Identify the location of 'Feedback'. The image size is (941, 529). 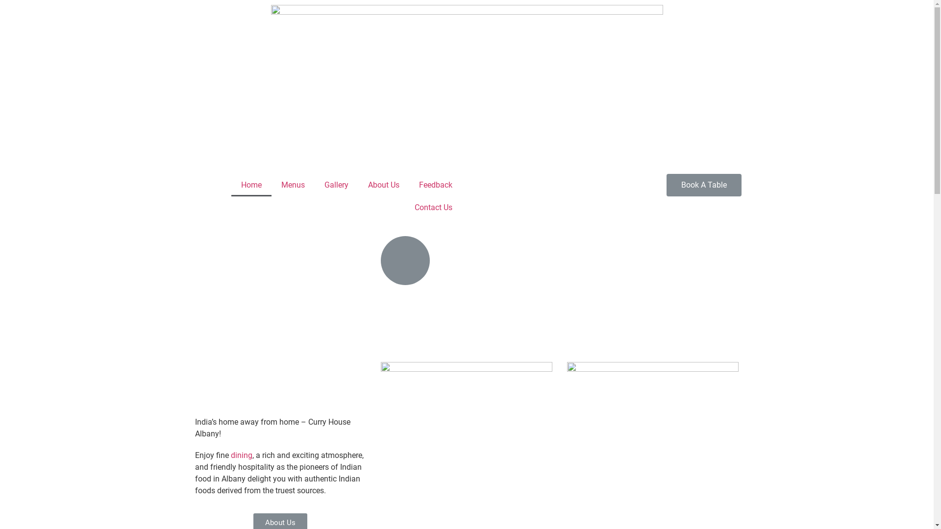
(435, 185).